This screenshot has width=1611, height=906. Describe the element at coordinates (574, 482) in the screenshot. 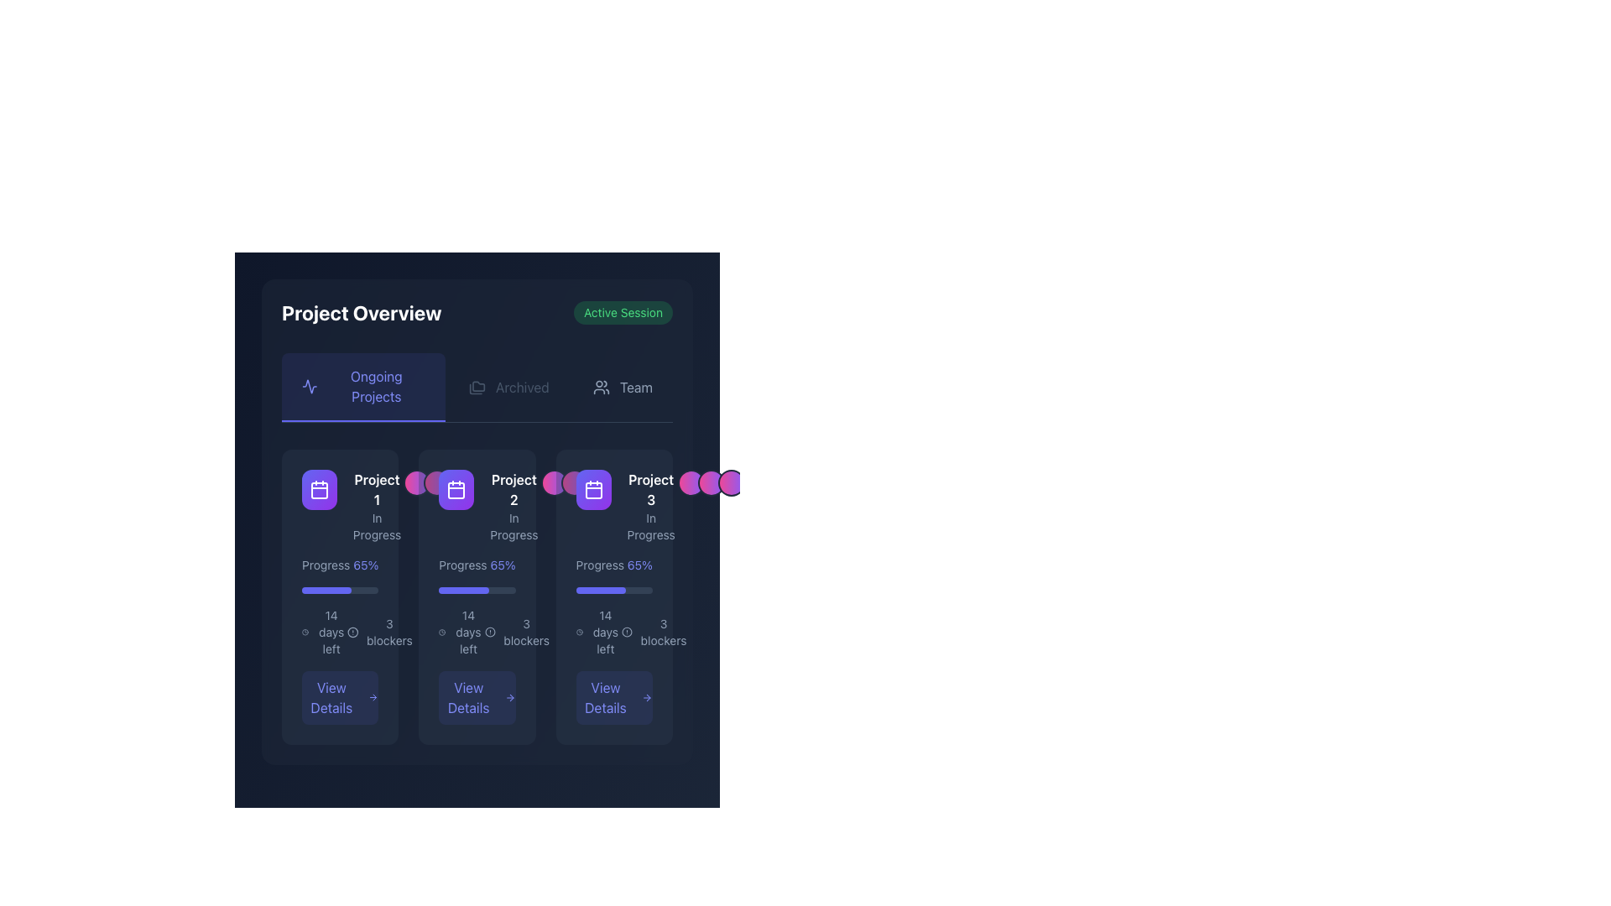

I see `the decorative graphical element consisting of three overlapping circular visuals with a gradient effect from pink to violet, located in the upper-right section of the 'Project 2' card, to the right of 'In Progress'` at that location.